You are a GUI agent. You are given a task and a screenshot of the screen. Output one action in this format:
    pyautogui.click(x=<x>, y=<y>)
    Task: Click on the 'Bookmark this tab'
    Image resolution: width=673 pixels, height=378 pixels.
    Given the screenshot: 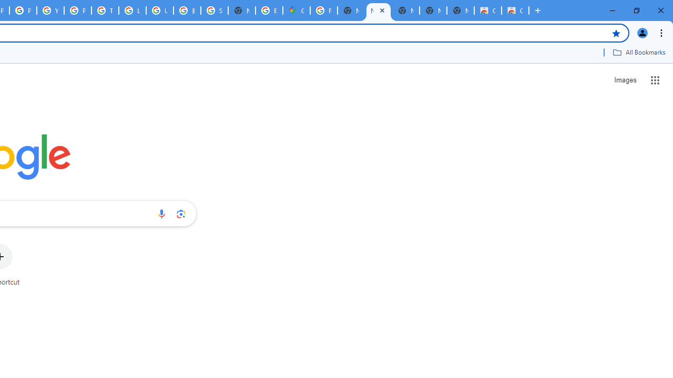 What is the action you would take?
    pyautogui.click(x=616, y=32)
    